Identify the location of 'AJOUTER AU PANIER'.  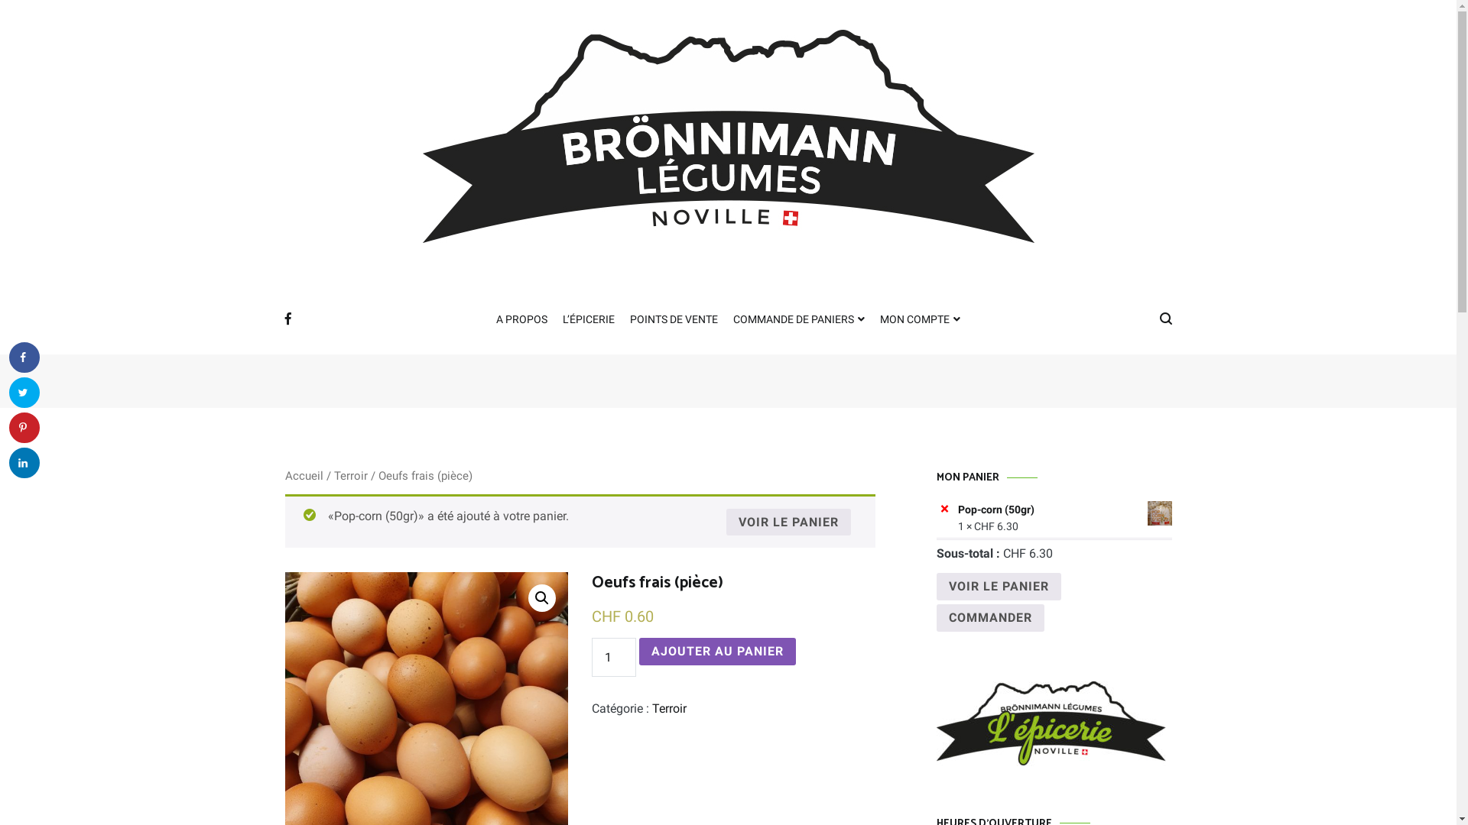
(716, 651).